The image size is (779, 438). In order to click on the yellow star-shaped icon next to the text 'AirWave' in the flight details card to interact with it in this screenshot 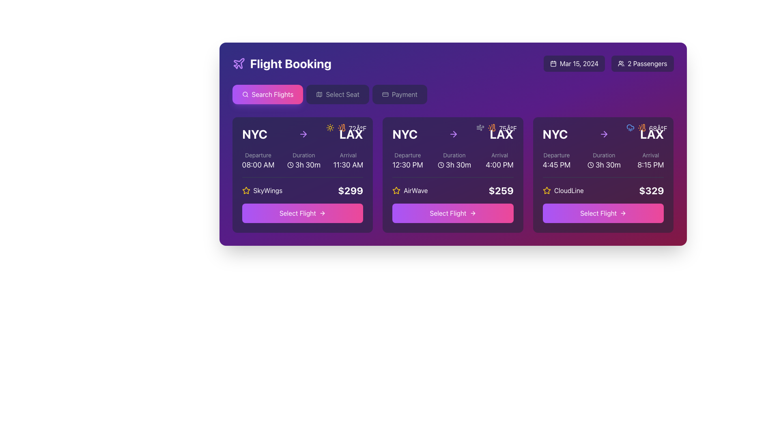, I will do `click(396, 190)`.